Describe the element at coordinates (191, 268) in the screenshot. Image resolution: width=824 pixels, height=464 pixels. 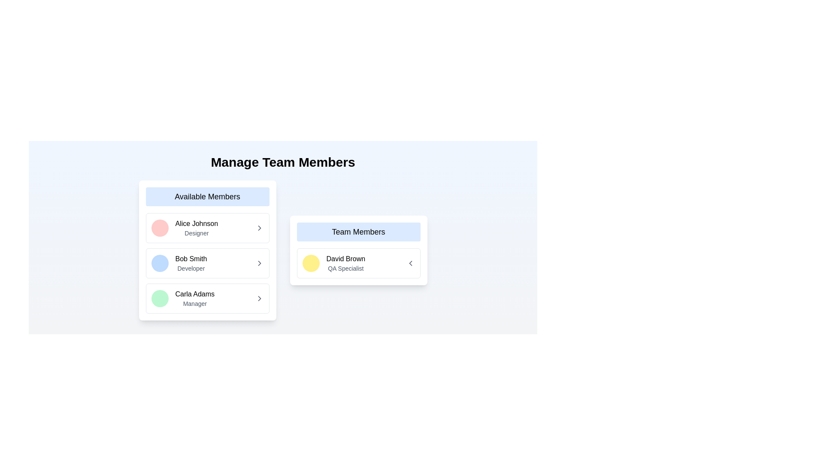
I see `the text label 'Developer' located below the name 'Bob Smith' in the 'Available Members' list` at that location.